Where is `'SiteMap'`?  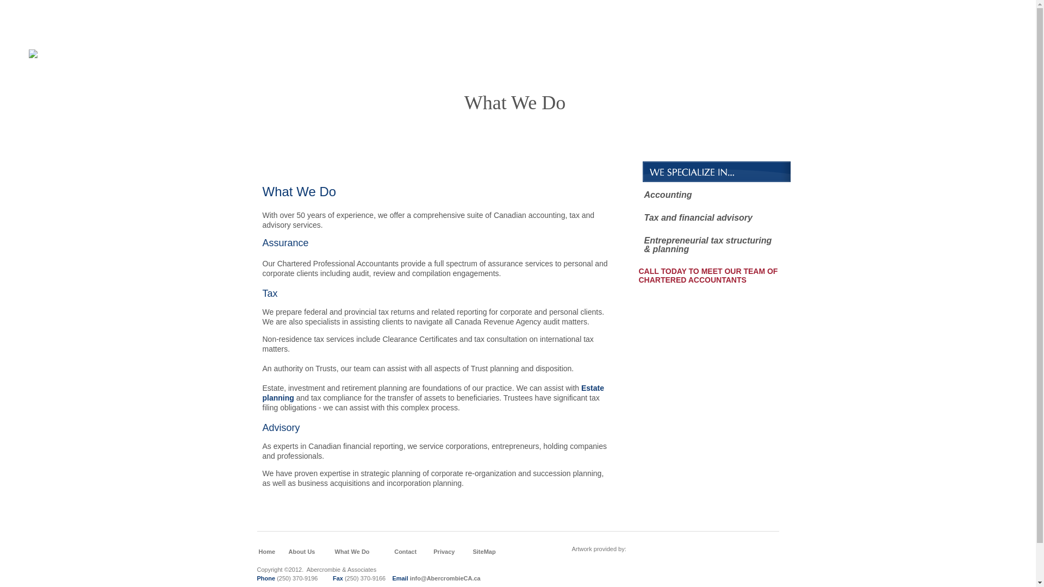
'SiteMap' is located at coordinates (483, 551).